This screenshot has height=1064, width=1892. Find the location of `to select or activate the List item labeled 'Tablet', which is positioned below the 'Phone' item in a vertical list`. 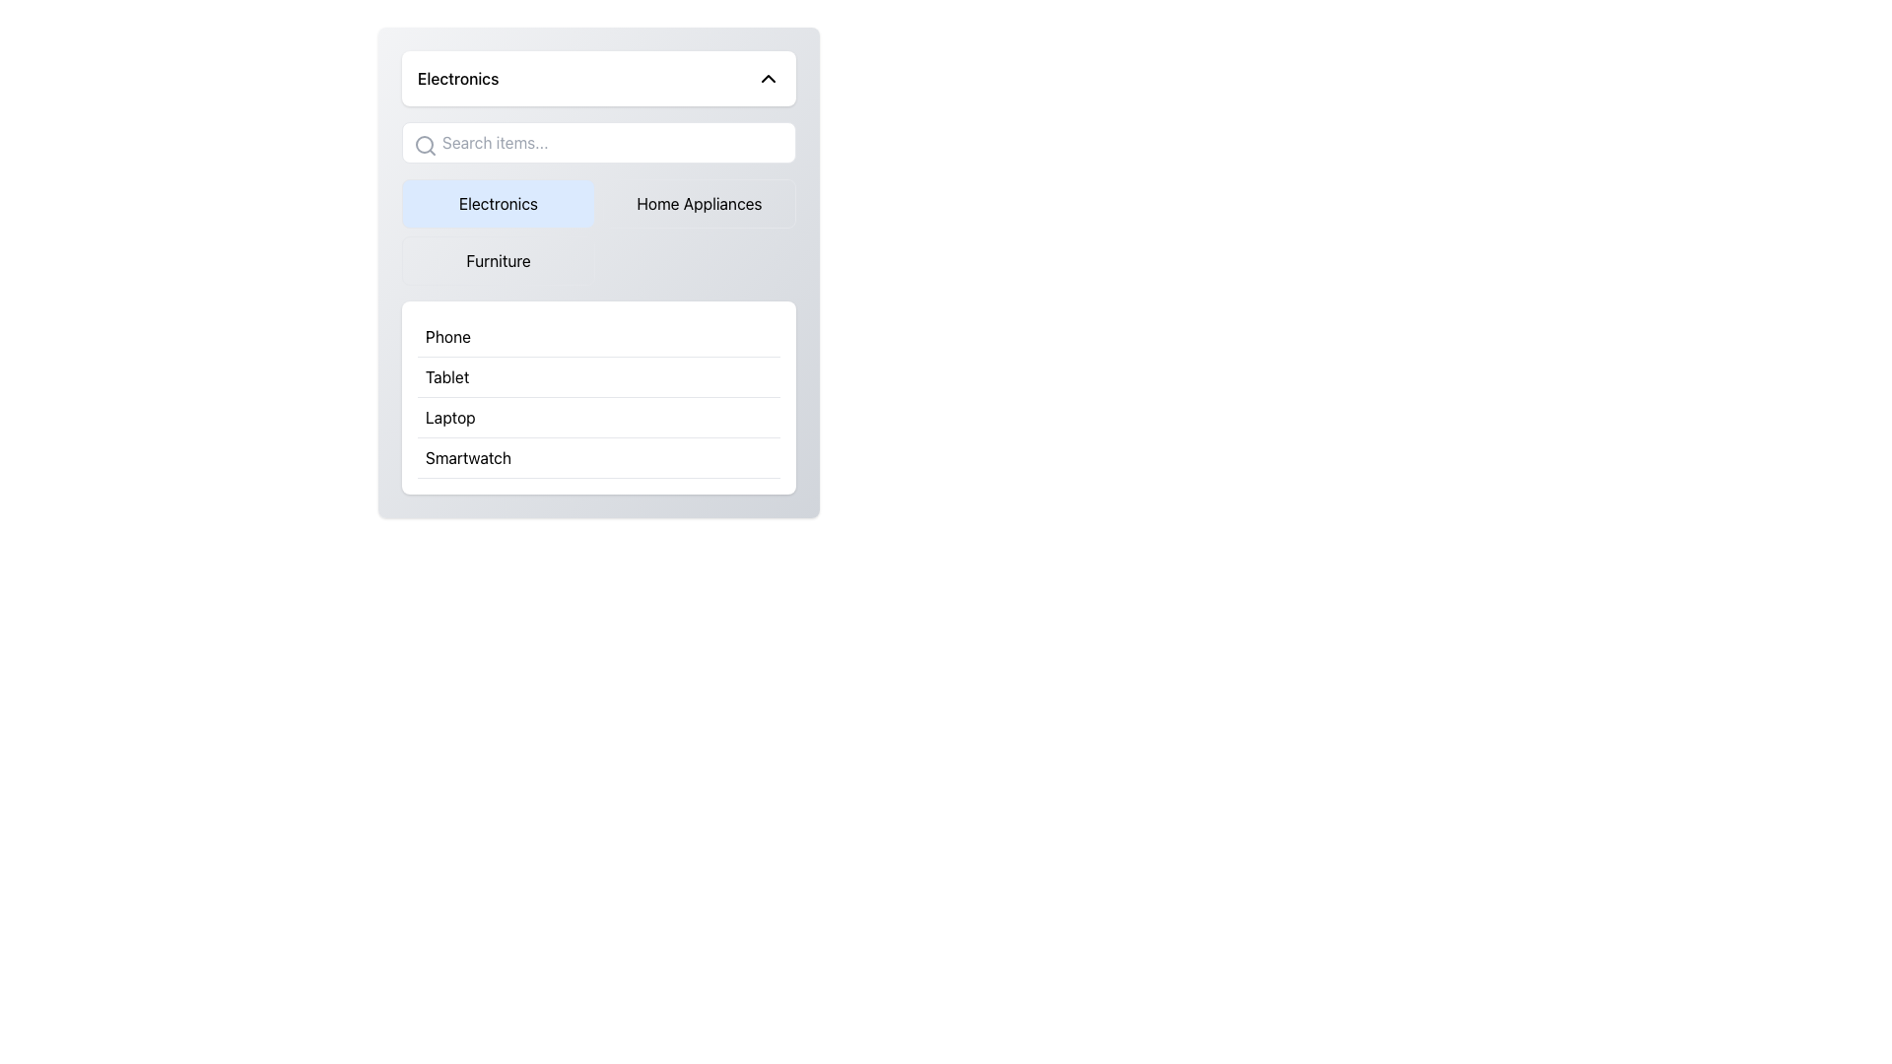

to select or activate the List item labeled 'Tablet', which is positioned below the 'Phone' item in a vertical list is located at coordinates (598, 376).